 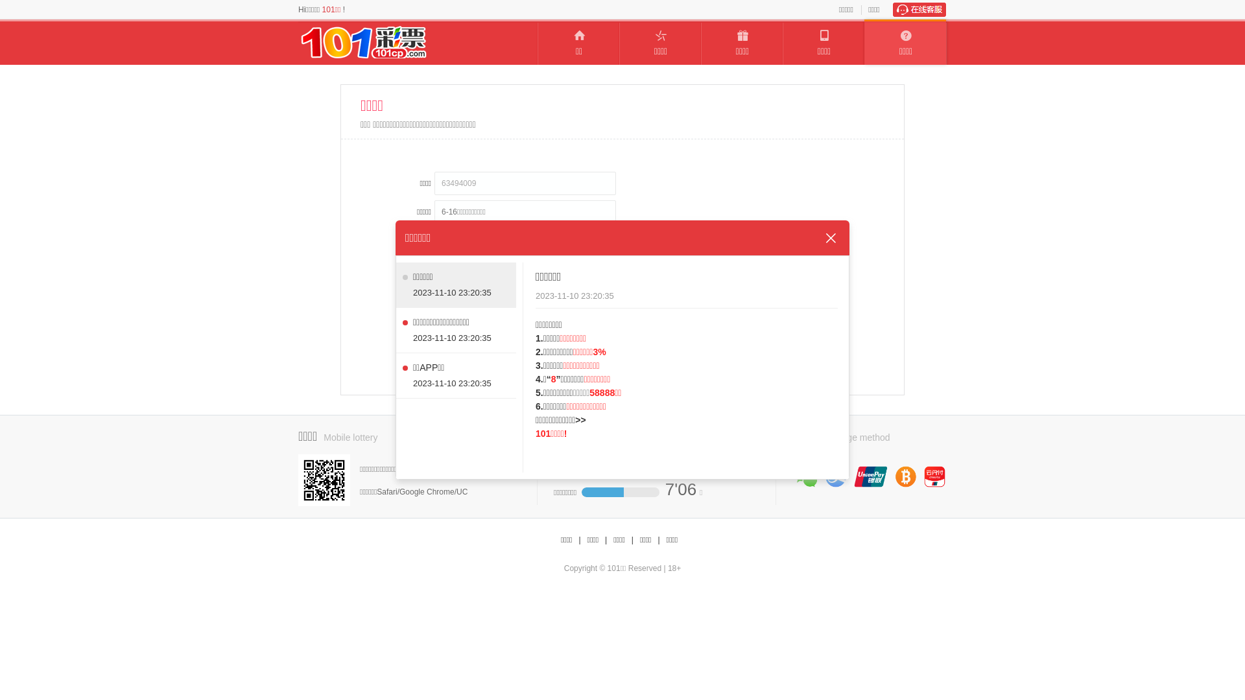 I want to click on '|', so click(x=578, y=540).